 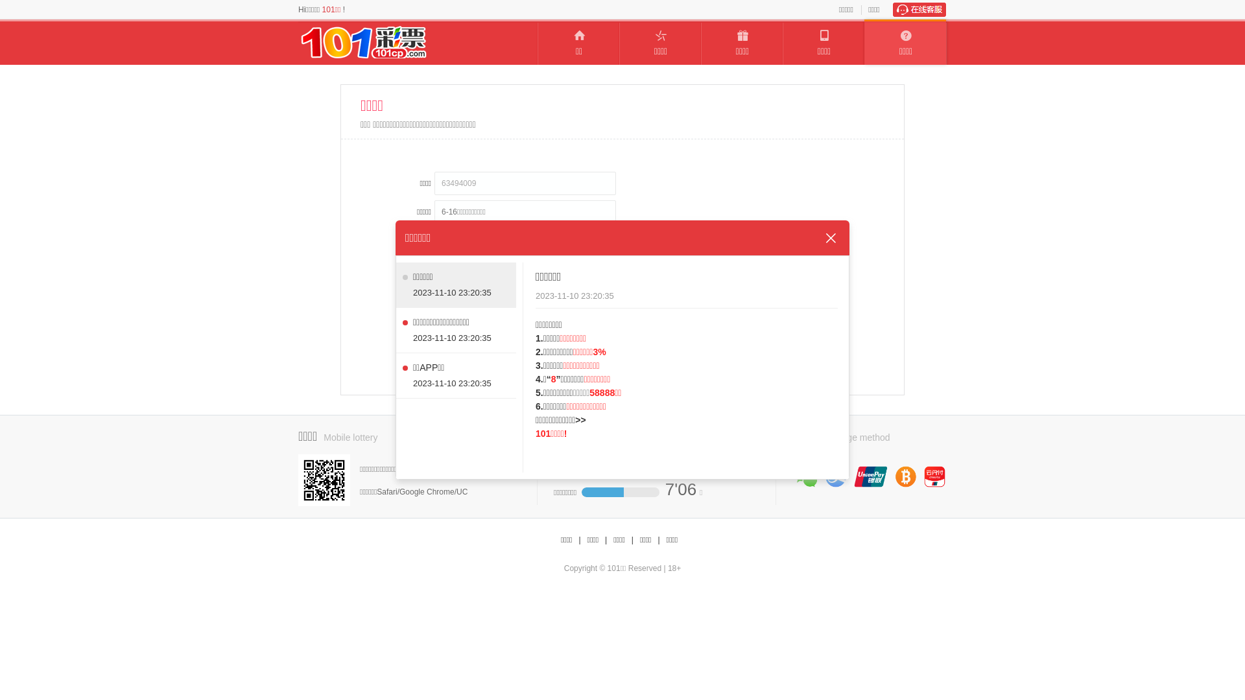 I want to click on '|', so click(x=578, y=540).